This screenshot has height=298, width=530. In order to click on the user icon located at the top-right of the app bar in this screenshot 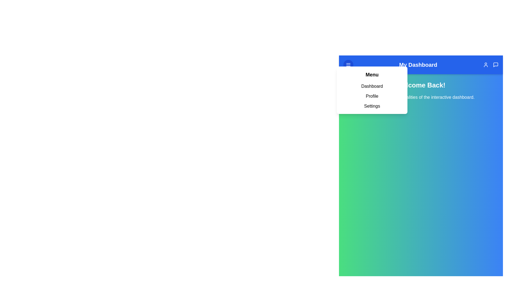, I will do `click(486, 65)`.